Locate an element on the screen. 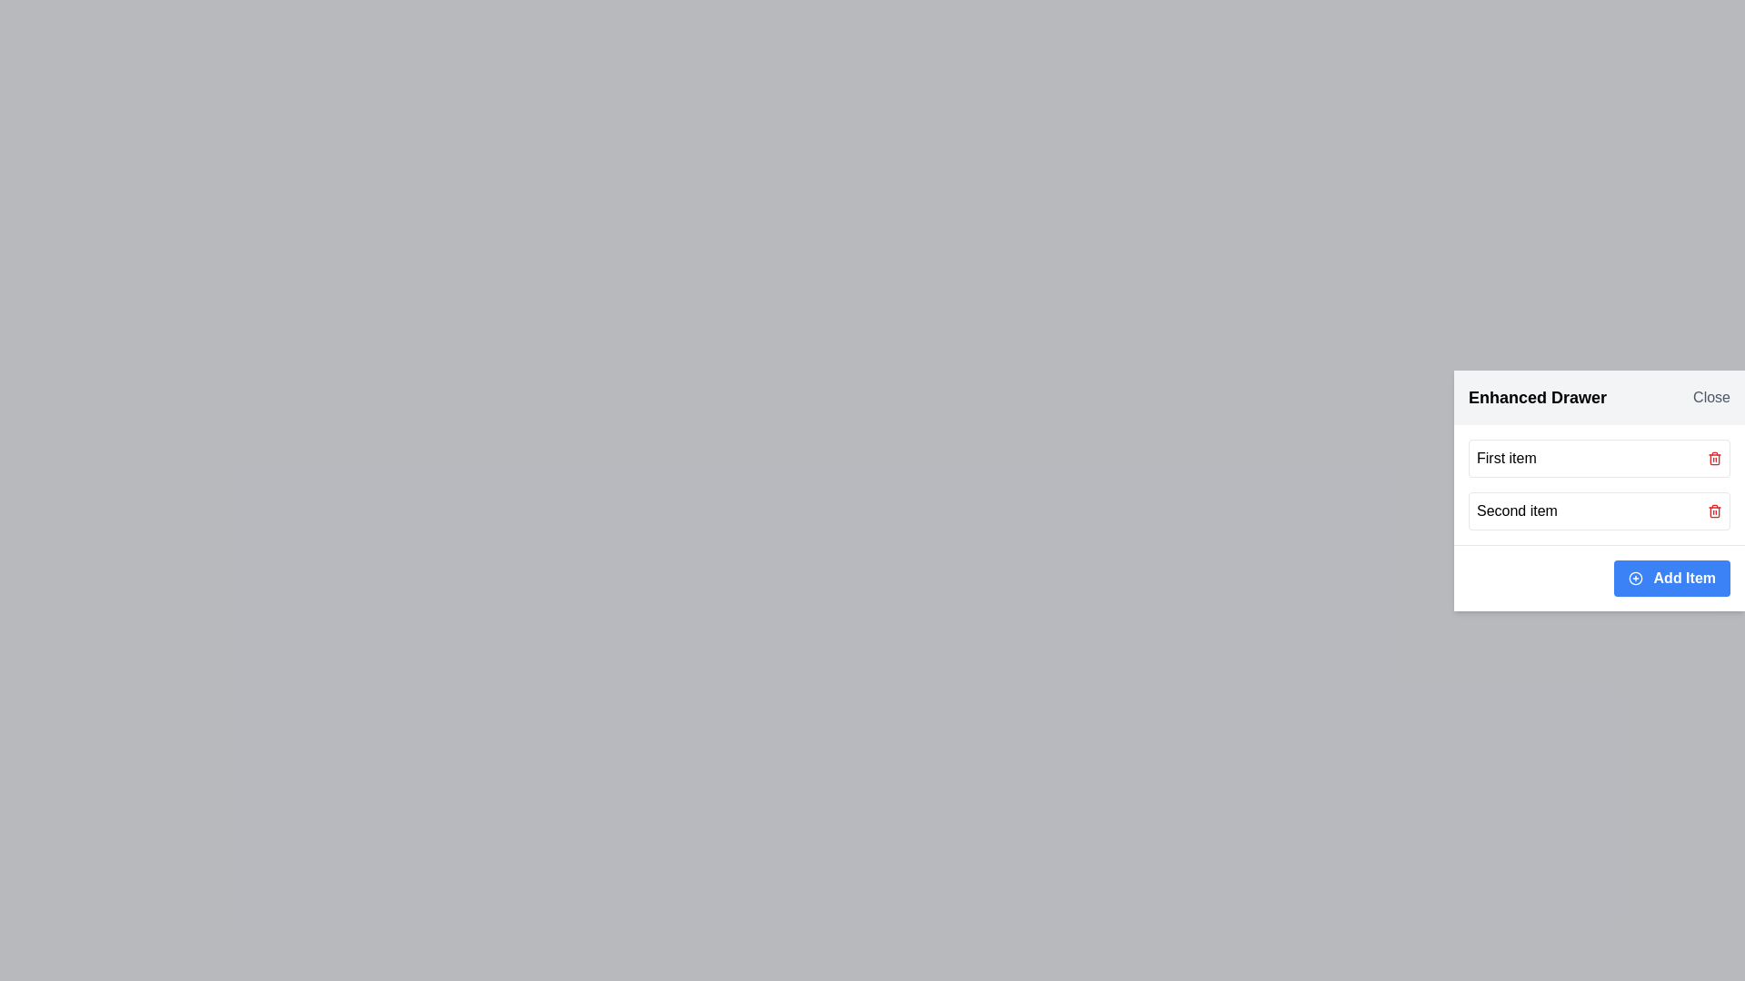  the Text label that serves as a title for the second list item in the drawer panel, located directly beneath the 'First item' is located at coordinates (1517, 510).